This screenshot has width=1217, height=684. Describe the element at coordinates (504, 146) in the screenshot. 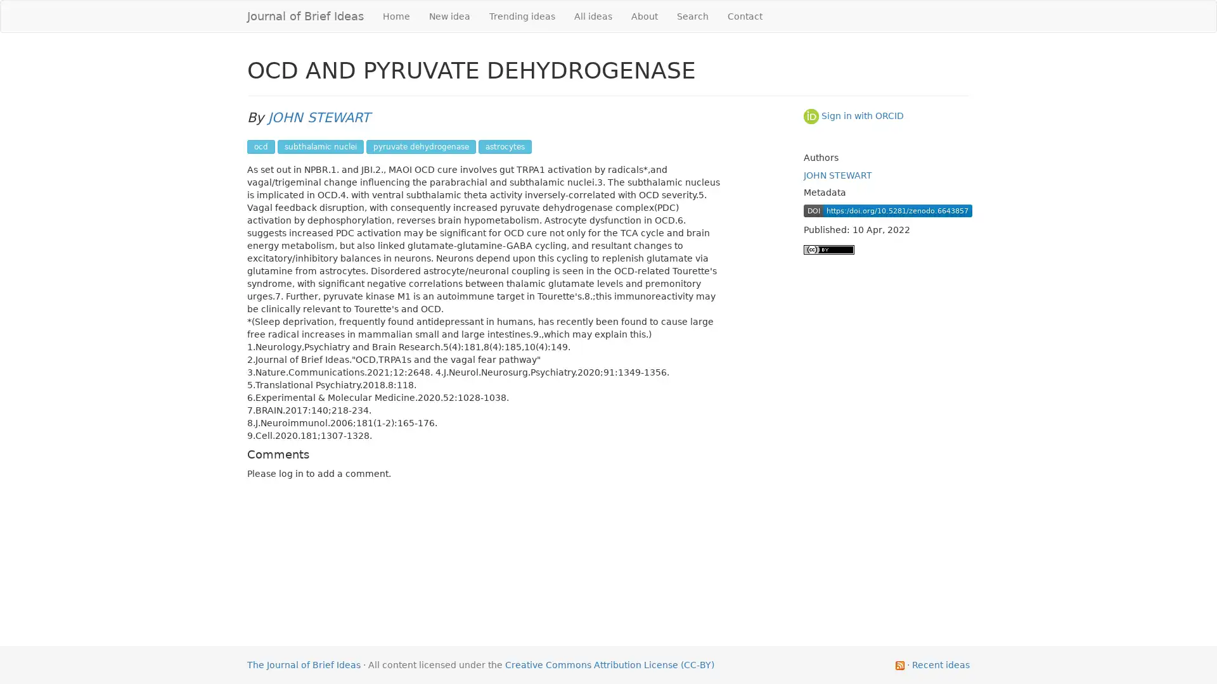

I see `astrocytes` at that location.